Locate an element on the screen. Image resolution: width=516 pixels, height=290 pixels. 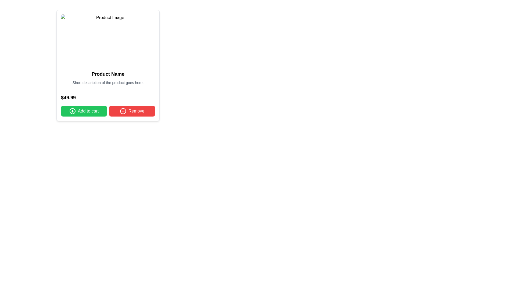
the icon located to the left of the green 'Add to cart' button, which serves as a visual indicator is located at coordinates (72, 111).